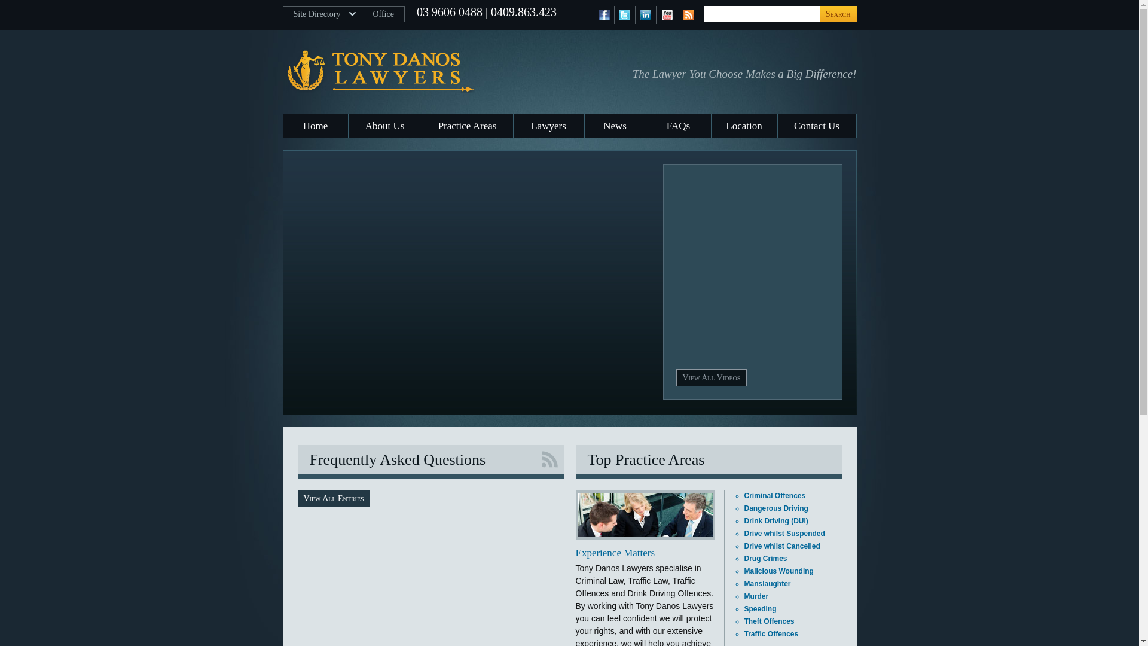  Describe the element at coordinates (784, 532) in the screenshot. I see `'Drive whilst Suspended'` at that location.